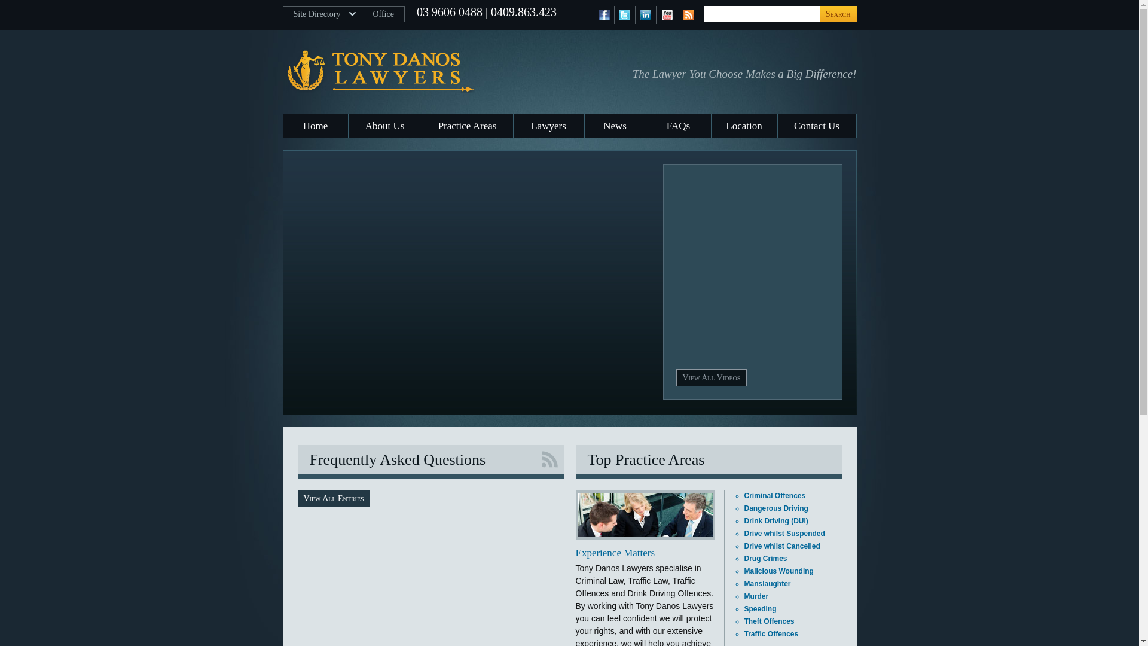  Describe the element at coordinates (784, 532) in the screenshot. I see `'Drive whilst Suspended'` at that location.